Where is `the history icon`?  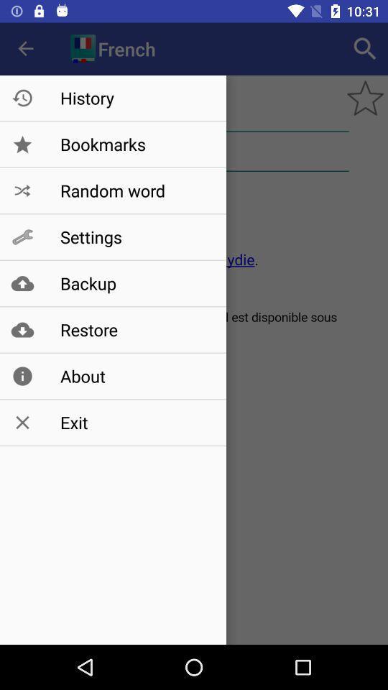 the history icon is located at coordinates (22, 97).